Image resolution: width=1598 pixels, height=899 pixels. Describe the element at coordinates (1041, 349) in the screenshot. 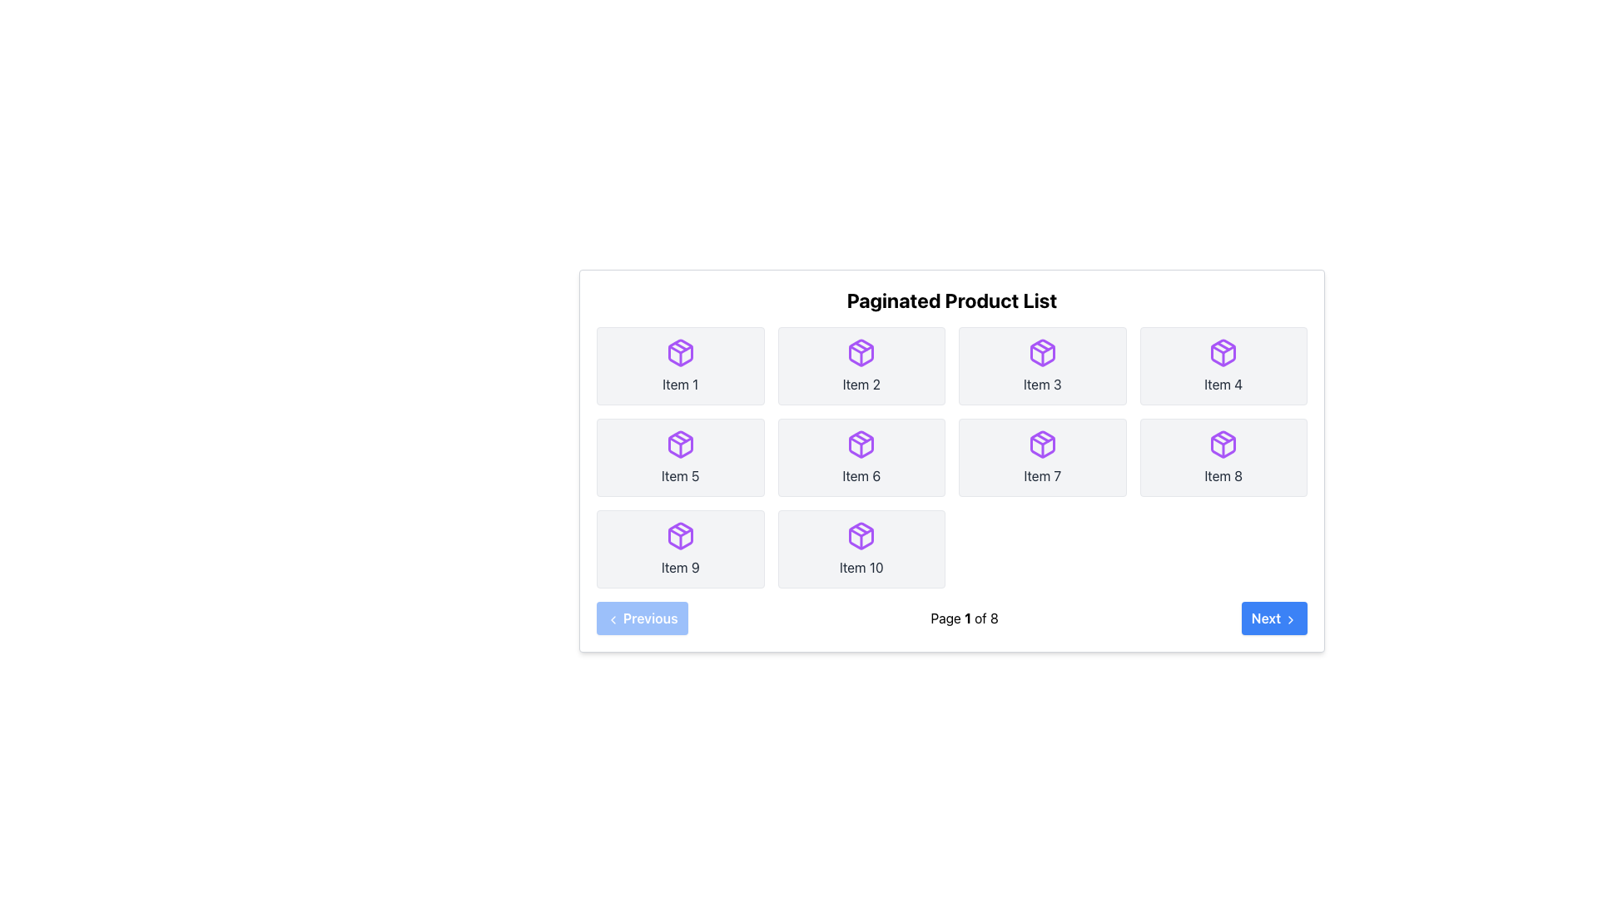

I see `the purple triangular decorative component within the 'Item 3' icon located in the first row and third column of the grid in the paginated product list interface` at that location.